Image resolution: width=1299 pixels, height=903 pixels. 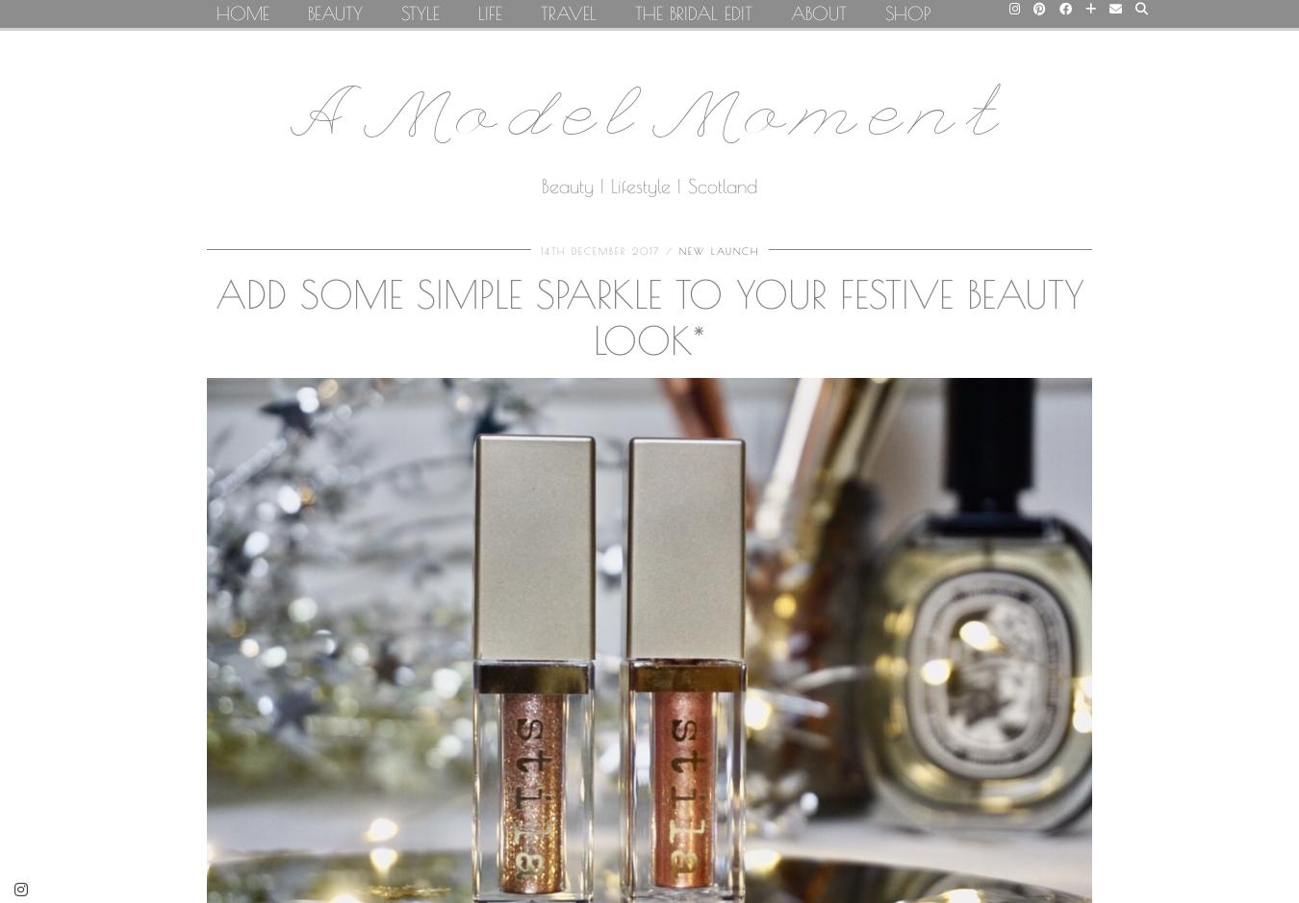 What do you see at coordinates (693, 13) in the screenshot?
I see `'The Bridal Edit'` at bounding box center [693, 13].